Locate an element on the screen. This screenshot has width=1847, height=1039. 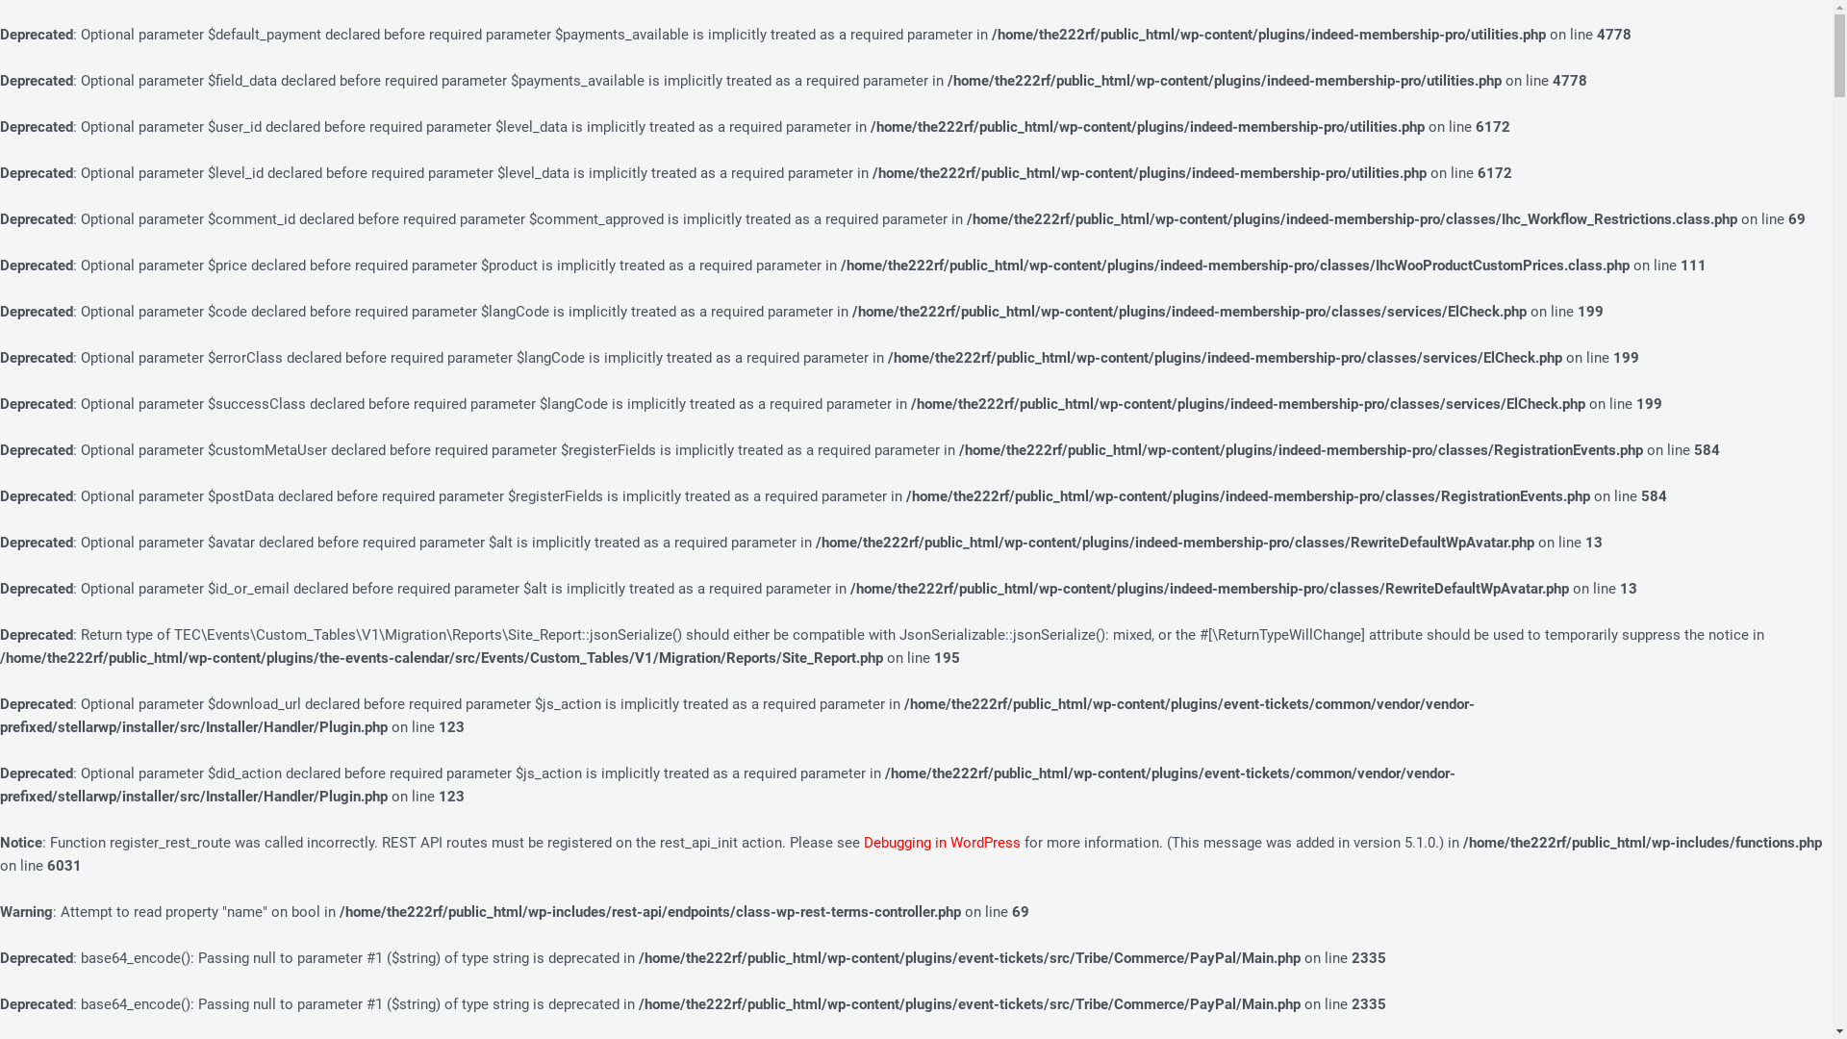
'Debugging in WordPress' is located at coordinates (942, 841).